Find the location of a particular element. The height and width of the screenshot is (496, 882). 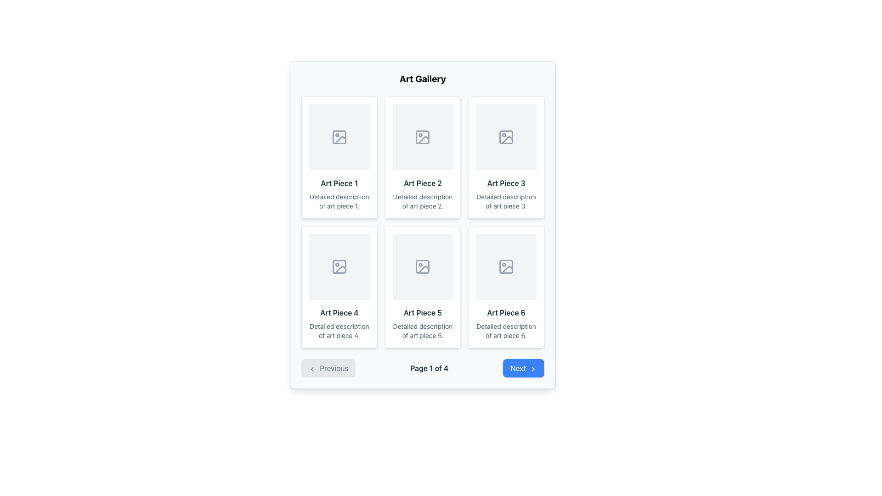

the Image Placeholder element located is located at coordinates (422, 267).